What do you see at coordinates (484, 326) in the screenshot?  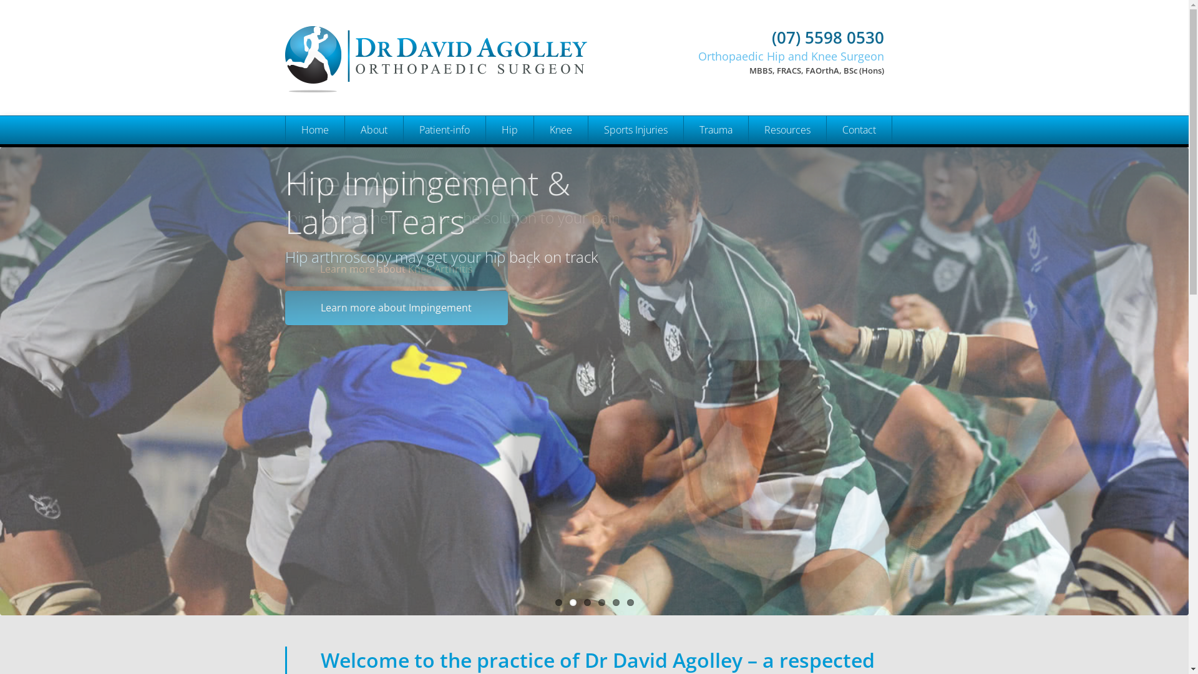 I see `'Hip Pain'` at bounding box center [484, 326].